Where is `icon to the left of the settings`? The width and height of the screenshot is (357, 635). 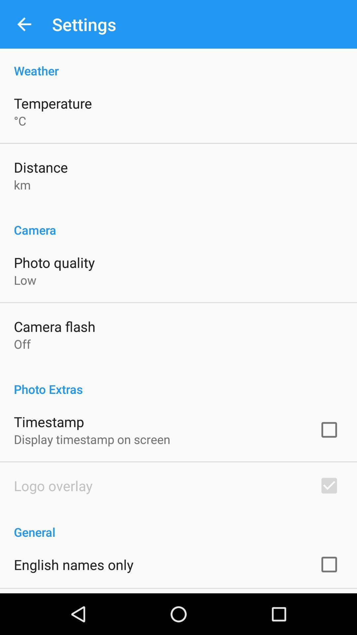
icon to the left of the settings is located at coordinates (24, 24).